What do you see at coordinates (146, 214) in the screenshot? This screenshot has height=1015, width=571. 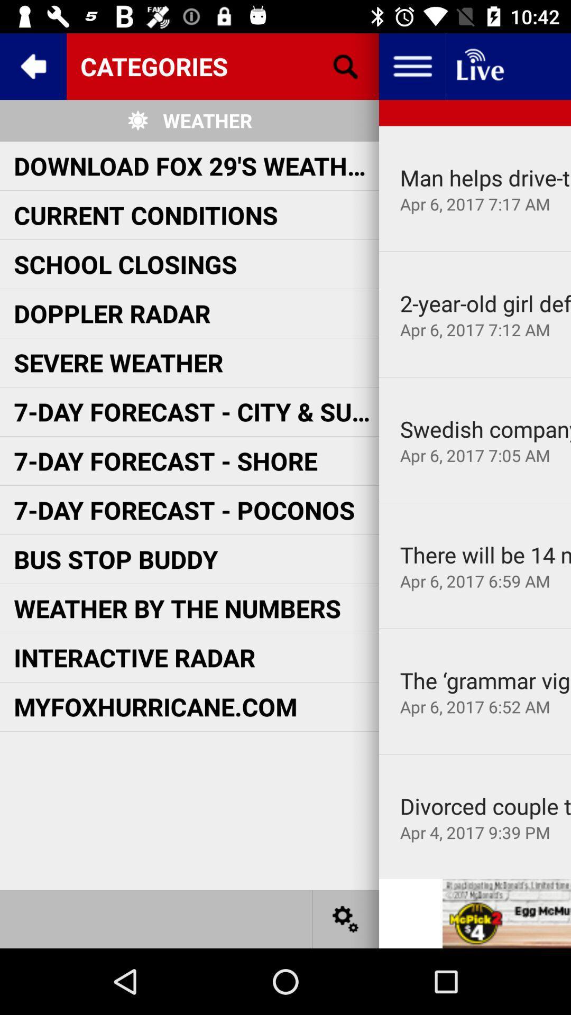 I see `the icon below download fox 29 item` at bounding box center [146, 214].